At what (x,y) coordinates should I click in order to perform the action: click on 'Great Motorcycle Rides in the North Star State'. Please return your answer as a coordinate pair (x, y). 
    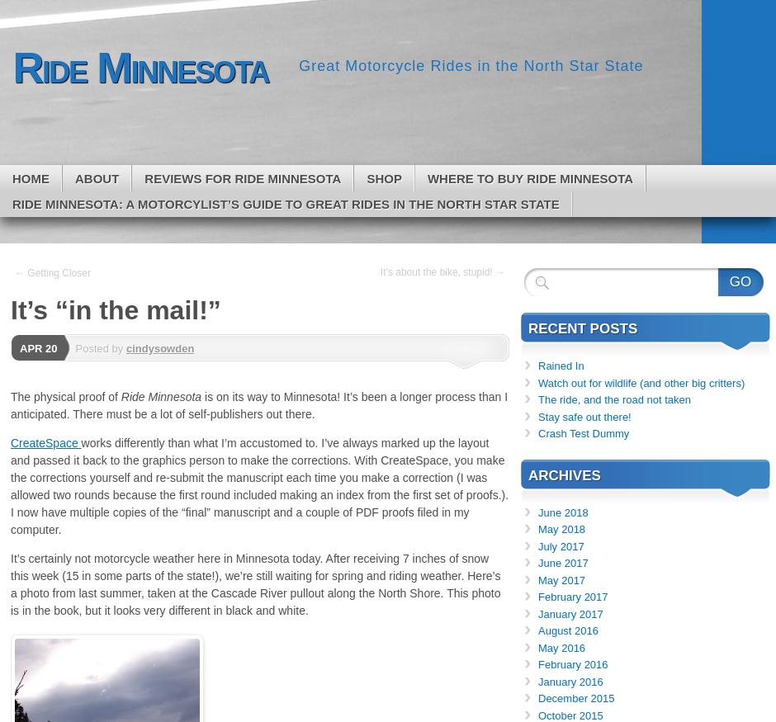
    Looking at the image, I should click on (471, 65).